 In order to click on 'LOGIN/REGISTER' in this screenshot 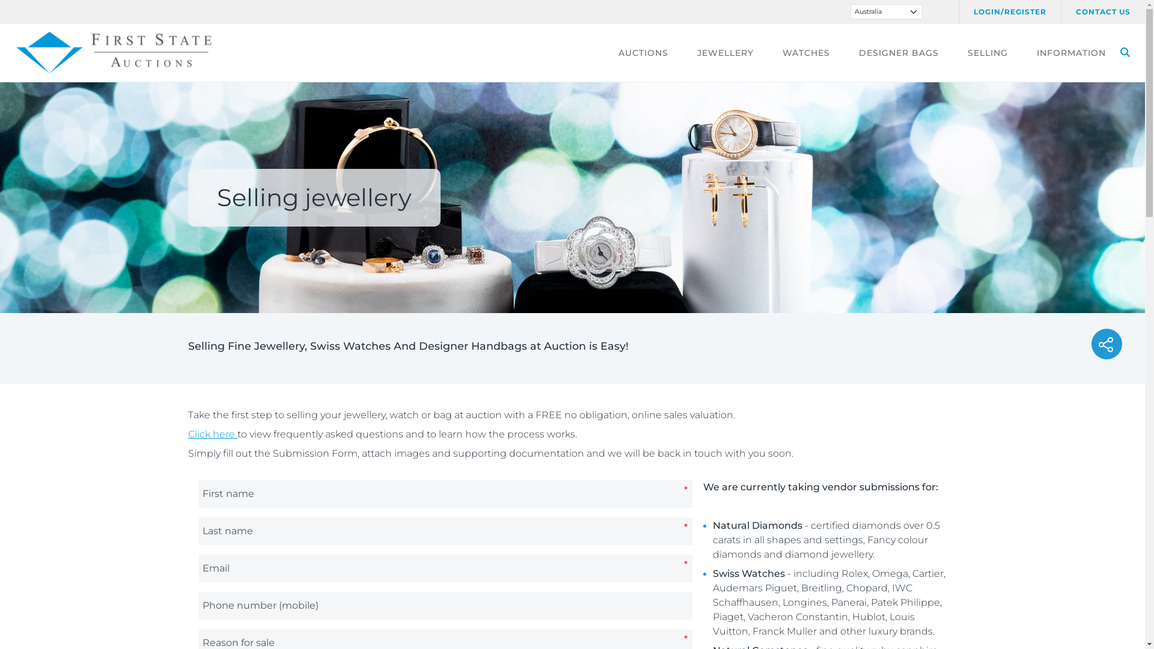, I will do `click(959, 11)`.